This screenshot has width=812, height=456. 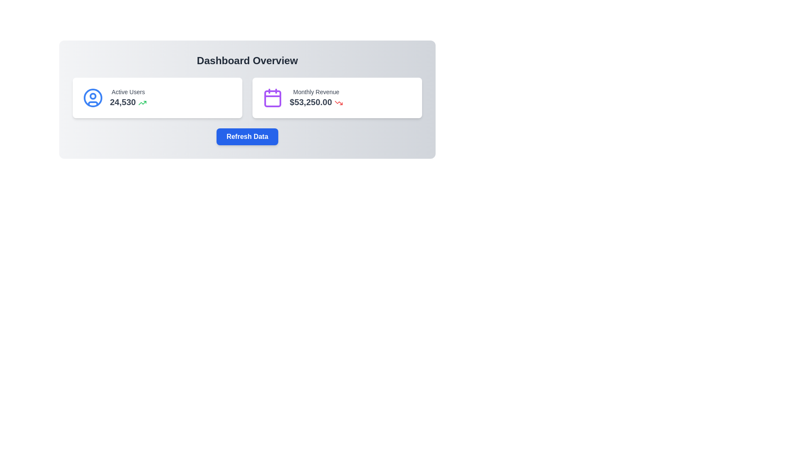 What do you see at coordinates (272, 98) in the screenshot?
I see `the rectangular graphical component with rounded corners located within the calendar icon, positioned below the header area and occupying the center of the icon` at bounding box center [272, 98].